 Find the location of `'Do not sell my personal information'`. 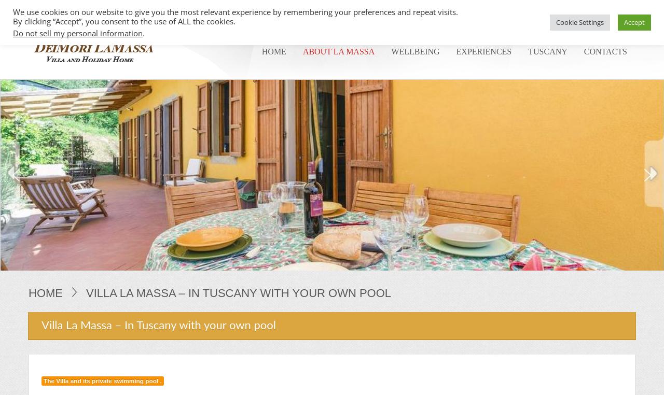

'Do not sell my personal information' is located at coordinates (77, 33).